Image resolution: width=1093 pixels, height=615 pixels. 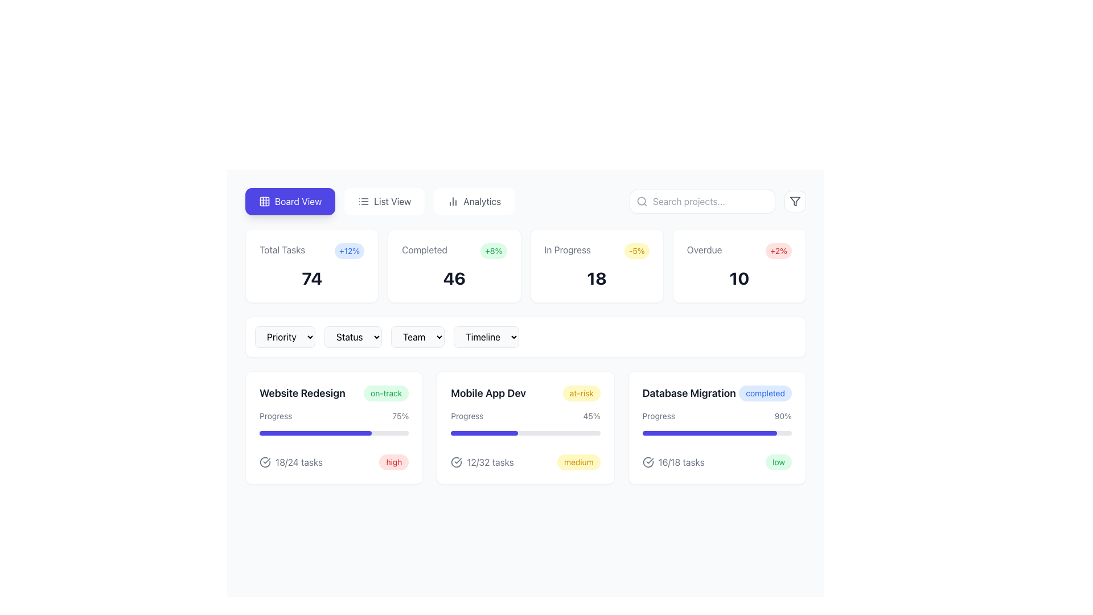 What do you see at coordinates (312, 265) in the screenshot?
I see `the Informational card, which displays the total number of tasks and a percentage increase indicator, located at the top-left of the grid` at bounding box center [312, 265].